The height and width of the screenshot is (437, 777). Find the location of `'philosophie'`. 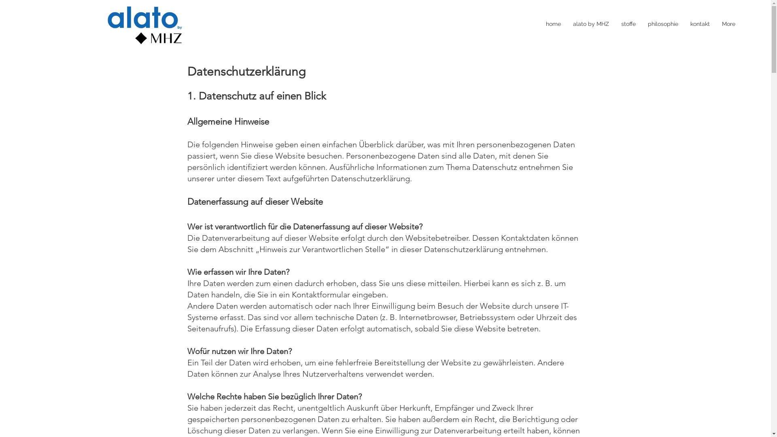

'philosophie' is located at coordinates (663, 40).